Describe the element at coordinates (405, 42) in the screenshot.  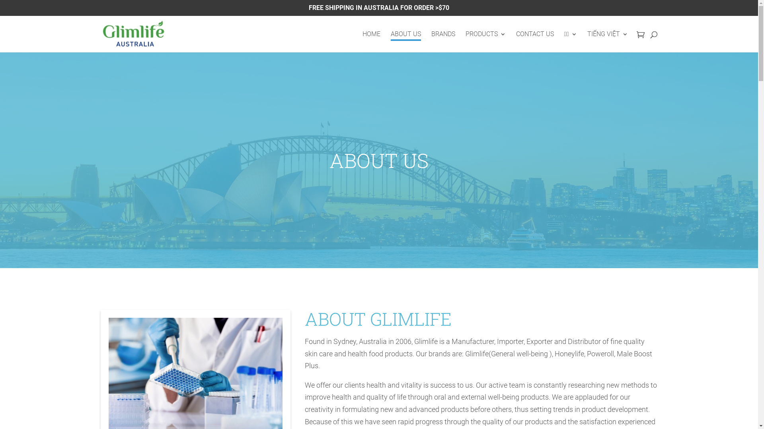
I see `'ABOUT US'` at that location.